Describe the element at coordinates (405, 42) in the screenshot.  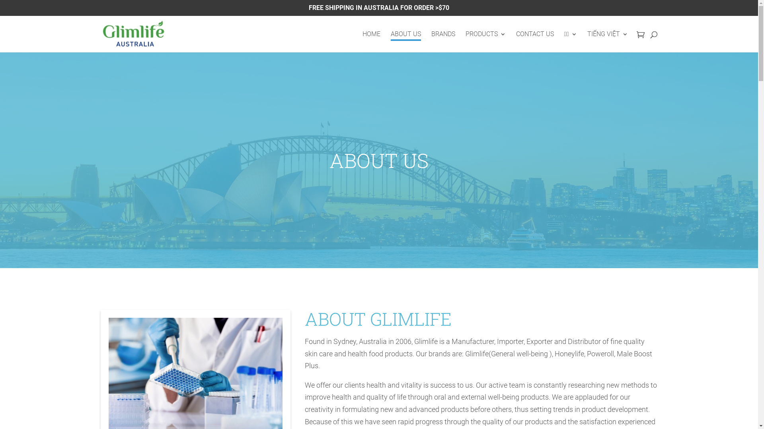
I see `'ABOUT US'` at that location.